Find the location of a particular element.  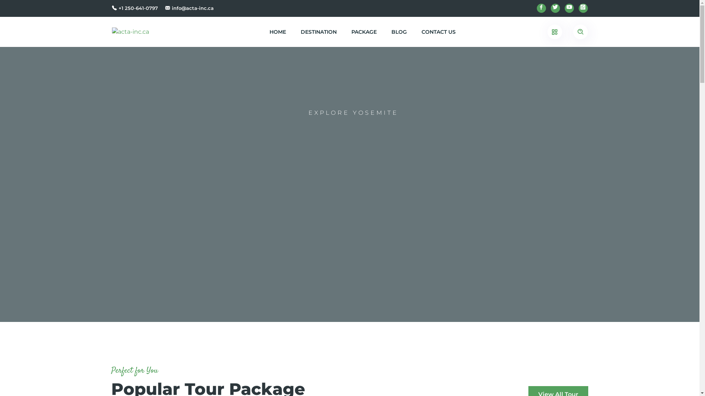

'CONTACT US' is located at coordinates (438, 32).